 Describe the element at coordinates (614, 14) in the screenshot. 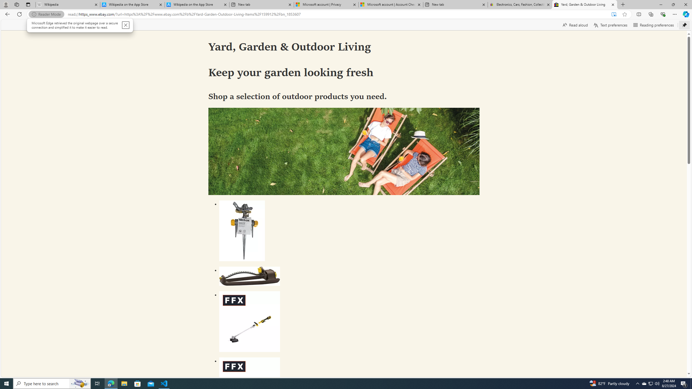

I see `'Exit Immersive Reader (F9)'` at that location.